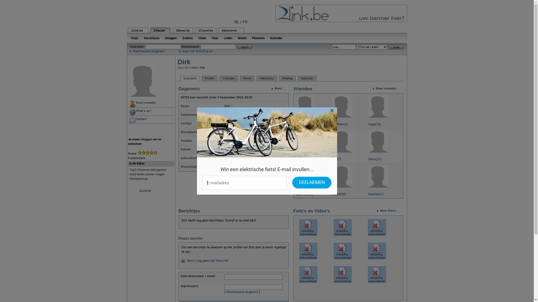  Describe the element at coordinates (287, 79) in the screenshot. I see `'Weblog'` at that location.